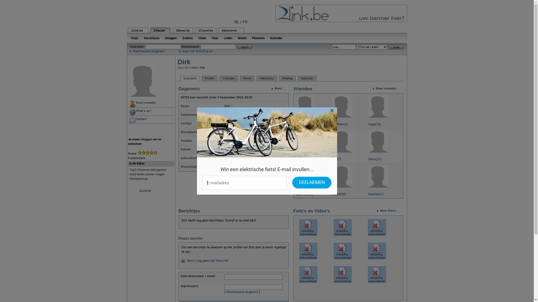  Describe the element at coordinates (287, 79) in the screenshot. I see `'Weblog'` at that location.